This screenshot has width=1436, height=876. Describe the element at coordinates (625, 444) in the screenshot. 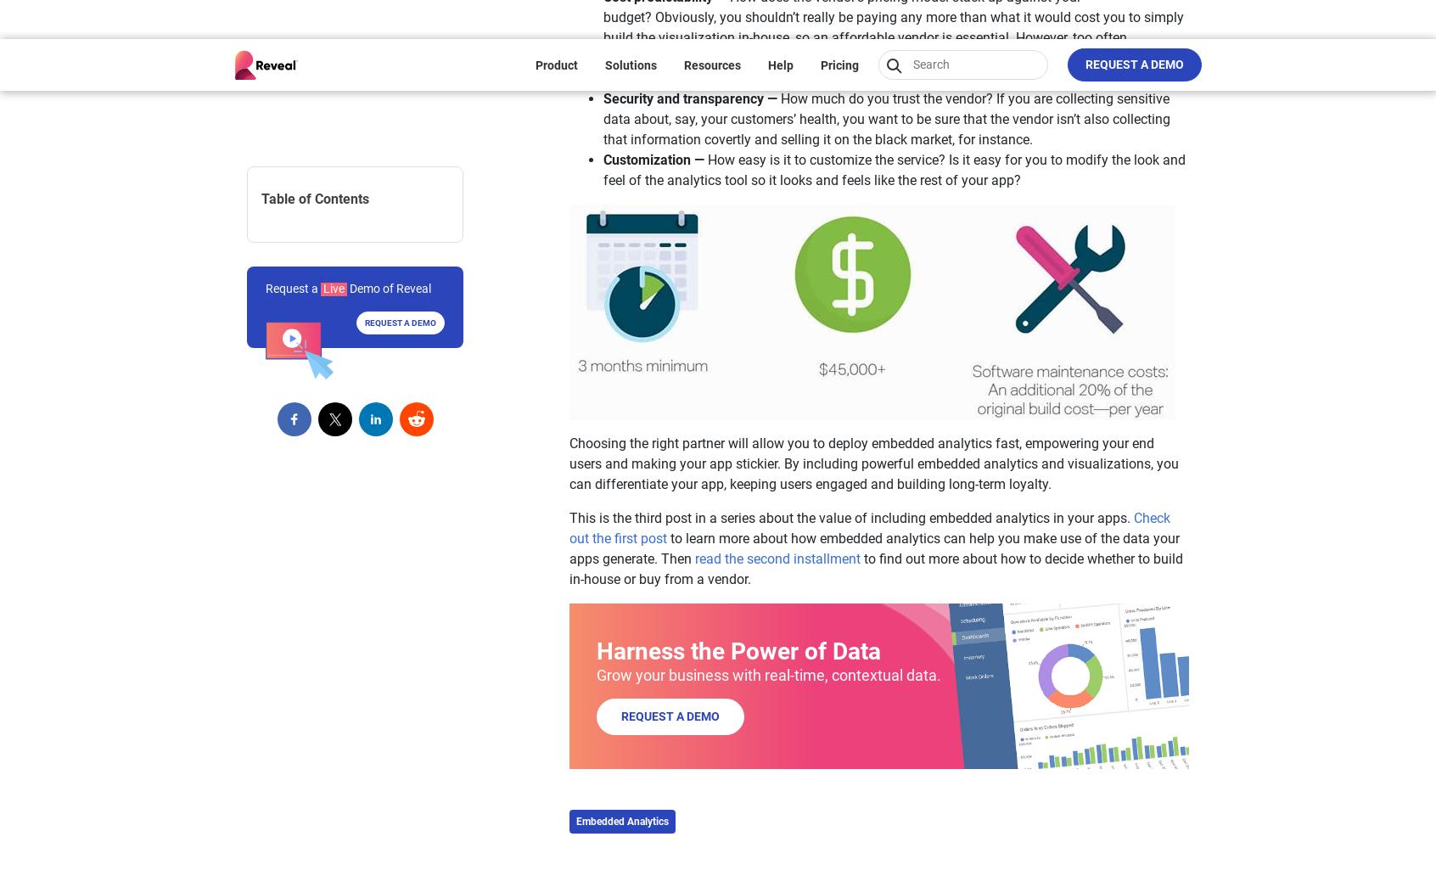

I see `'Support Policies'` at that location.